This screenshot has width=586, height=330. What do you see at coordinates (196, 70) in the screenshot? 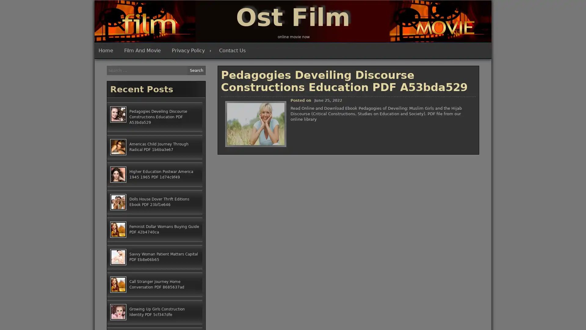
I see `Search` at bounding box center [196, 70].